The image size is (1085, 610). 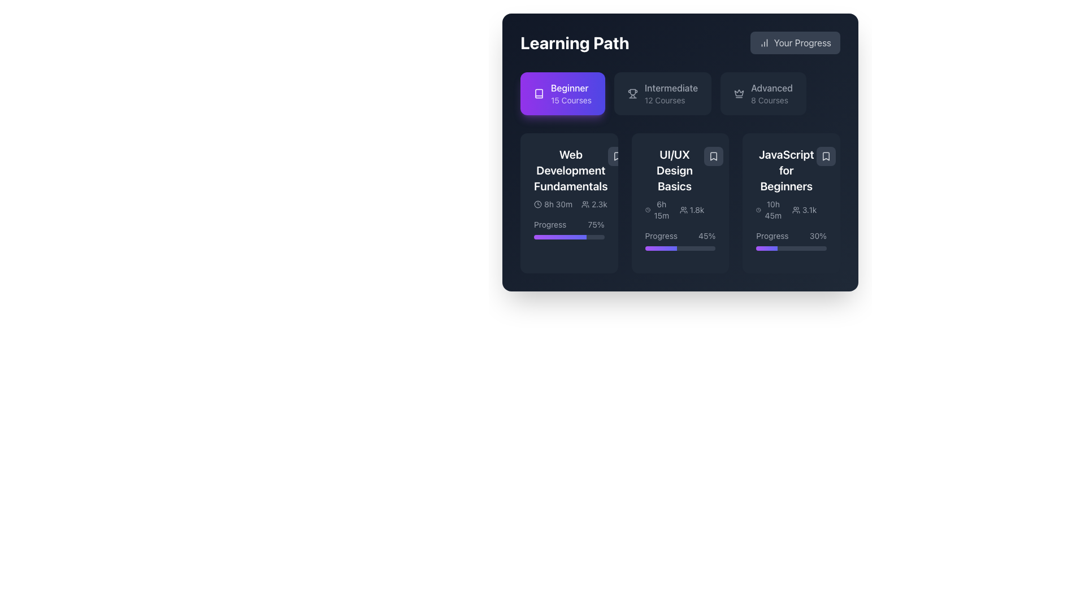 What do you see at coordinates (537, 204) in the screenshot?
I see `the icon representing the duration of the course 'Web Development Fundamentals'` at bounding box center [537, 204].